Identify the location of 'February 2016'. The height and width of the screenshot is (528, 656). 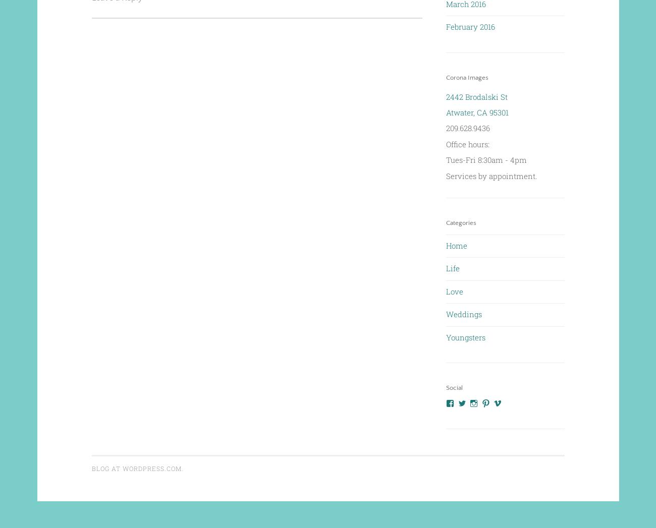
(470, 26).